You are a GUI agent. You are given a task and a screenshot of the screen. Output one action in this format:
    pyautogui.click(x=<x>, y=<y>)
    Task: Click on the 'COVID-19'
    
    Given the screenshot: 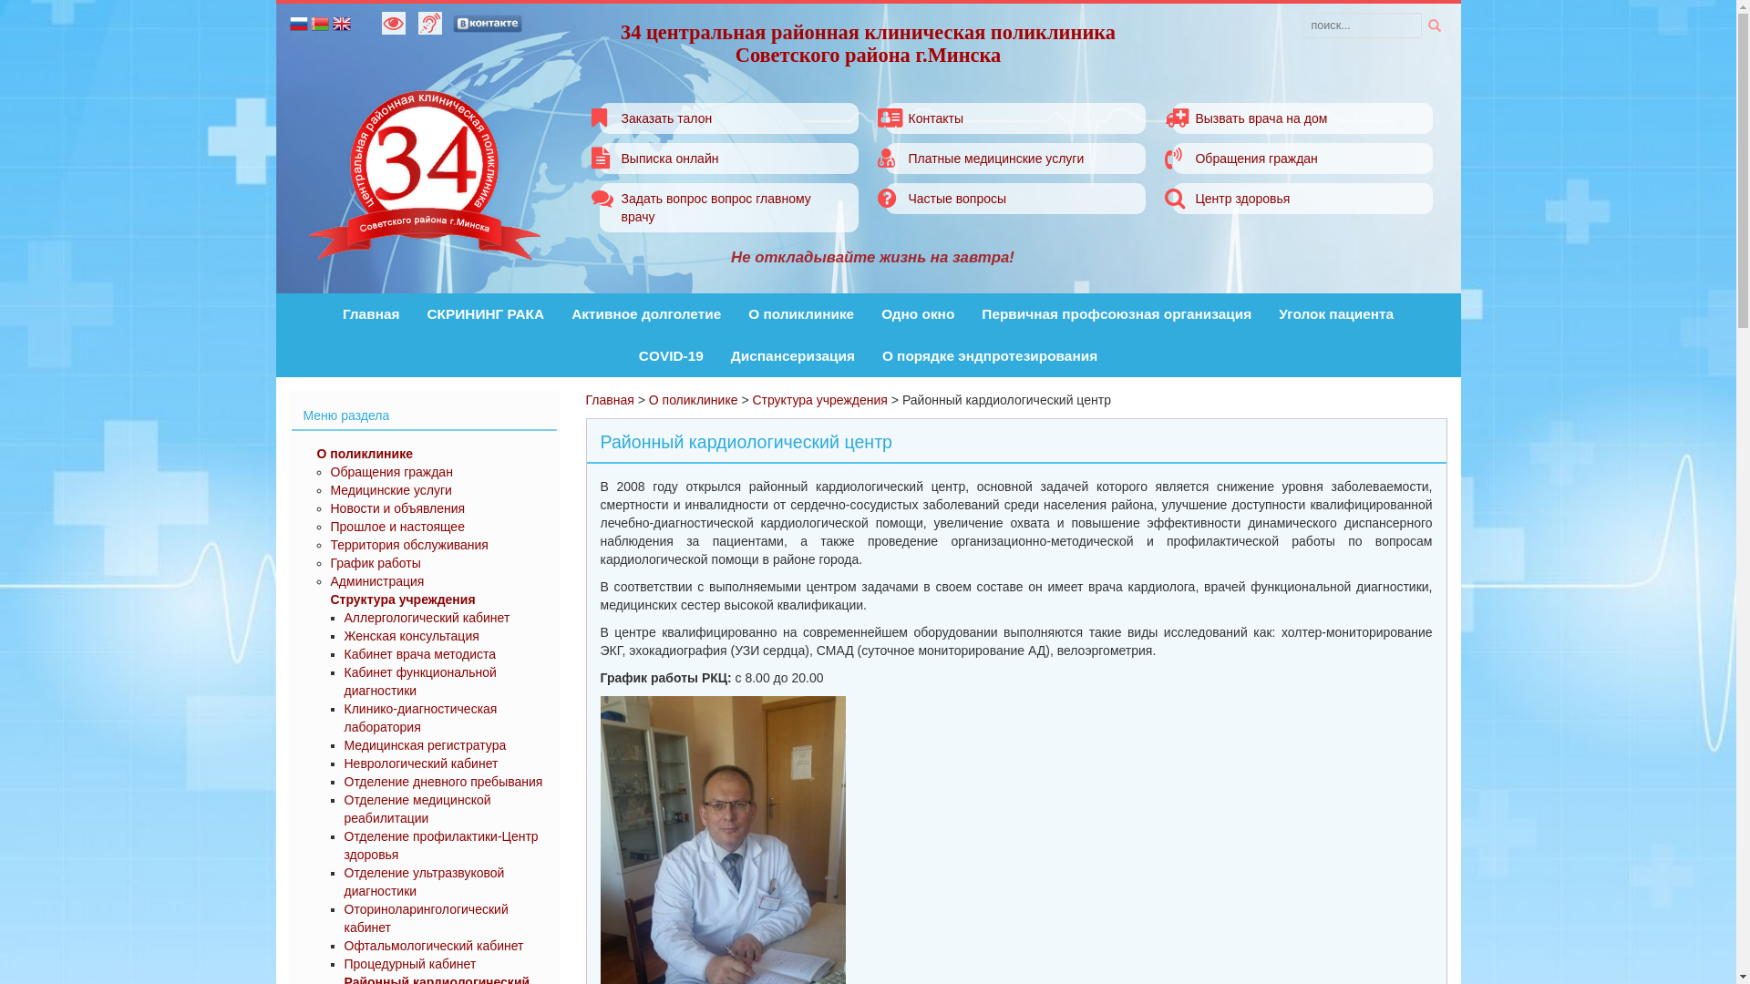 What is the action you would take?
    pyautogui.click(x=638, y=355)
    